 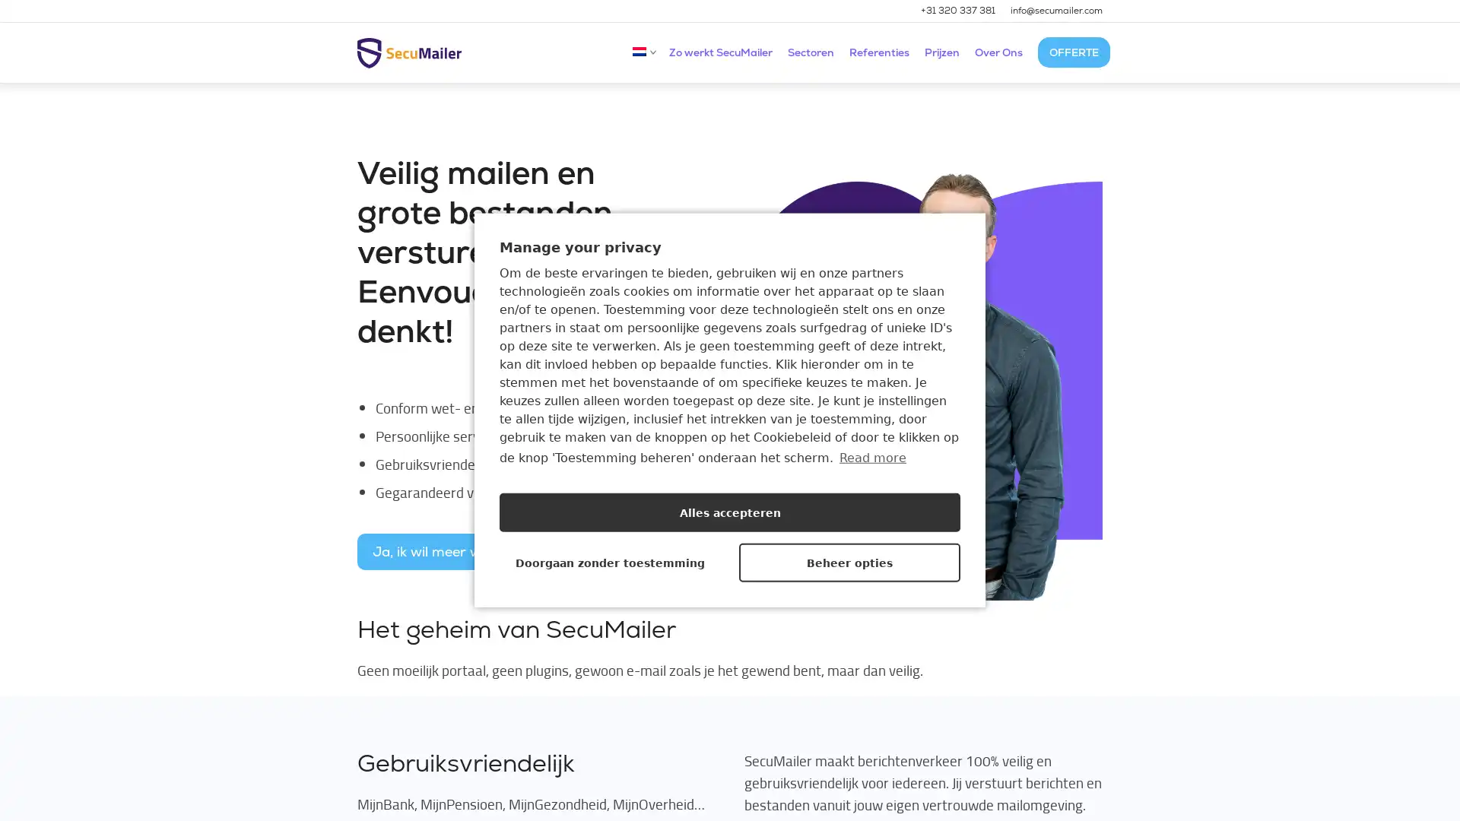 What do you see at coordinates (610, 563) in the screenshot?
I see `Doorgaan zonder toestemming` at bounding box center [610, 563].